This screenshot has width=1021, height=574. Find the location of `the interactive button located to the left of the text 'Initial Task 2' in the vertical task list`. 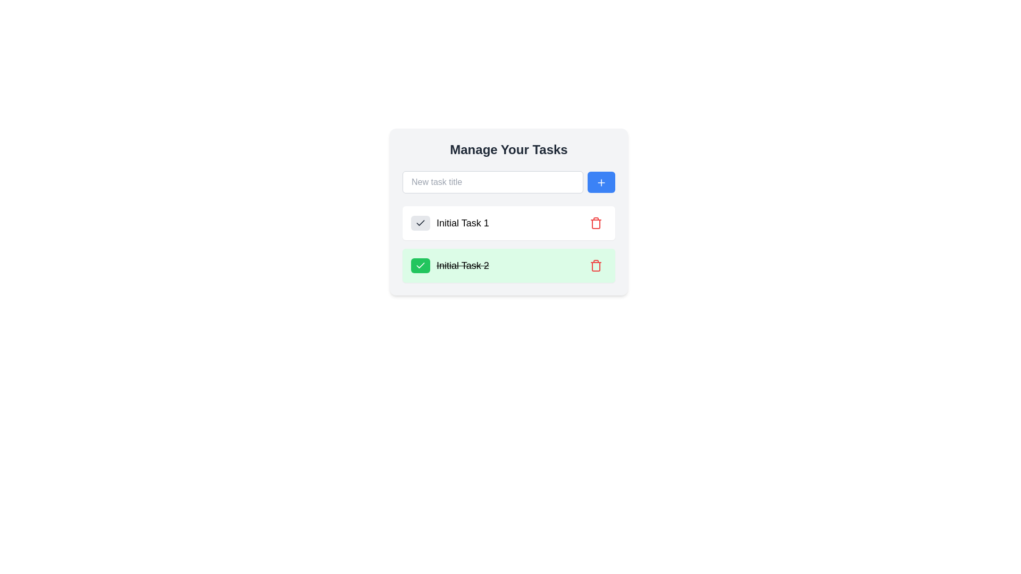

the interactive button located to the left of the text 'Initial Task 2' in the vertical task list is located at coordinates (420, 265).